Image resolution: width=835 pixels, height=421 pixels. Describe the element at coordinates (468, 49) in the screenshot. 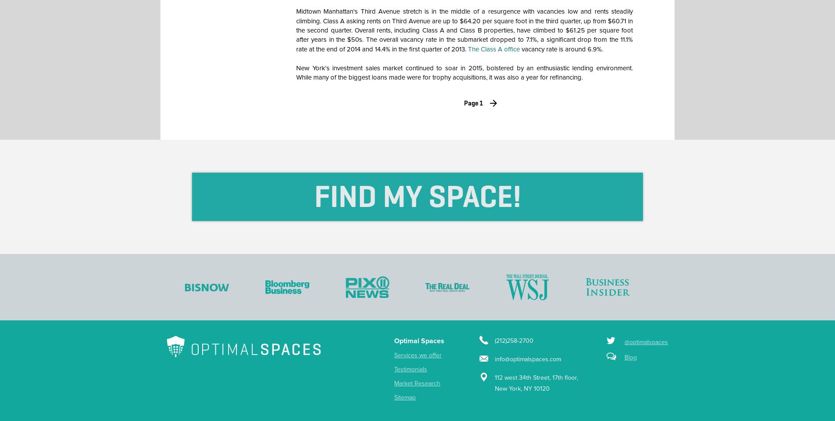

I see `'The Class A office'` at that location.